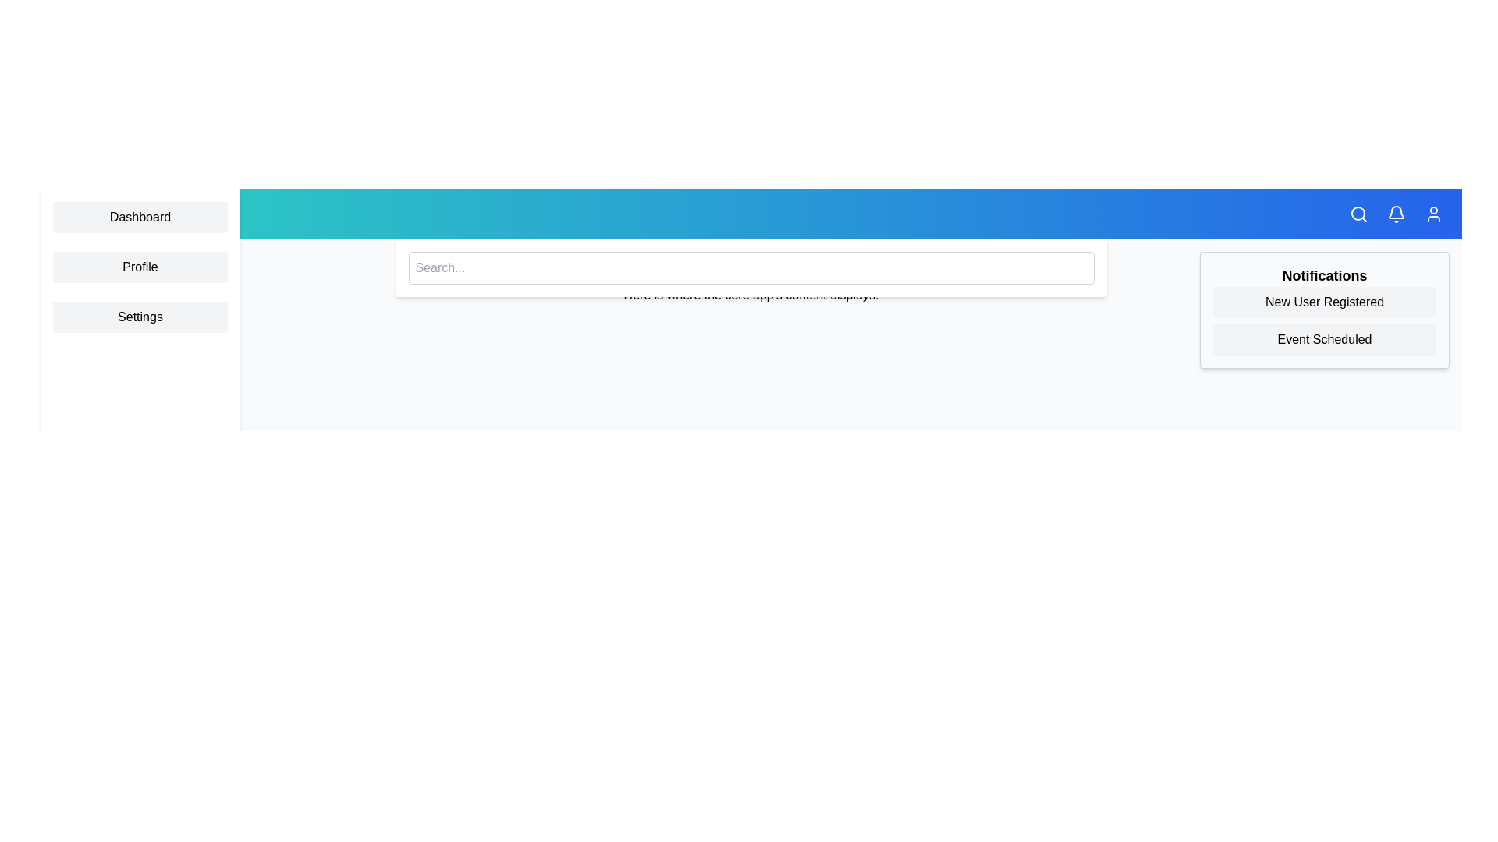 This screenshot has height=842, width=1498. What do you see at coordinates (1358, 214) in the screenshot?
I see `the search icon button located at the top-right of the interface` at bounding box center [1358, 214].